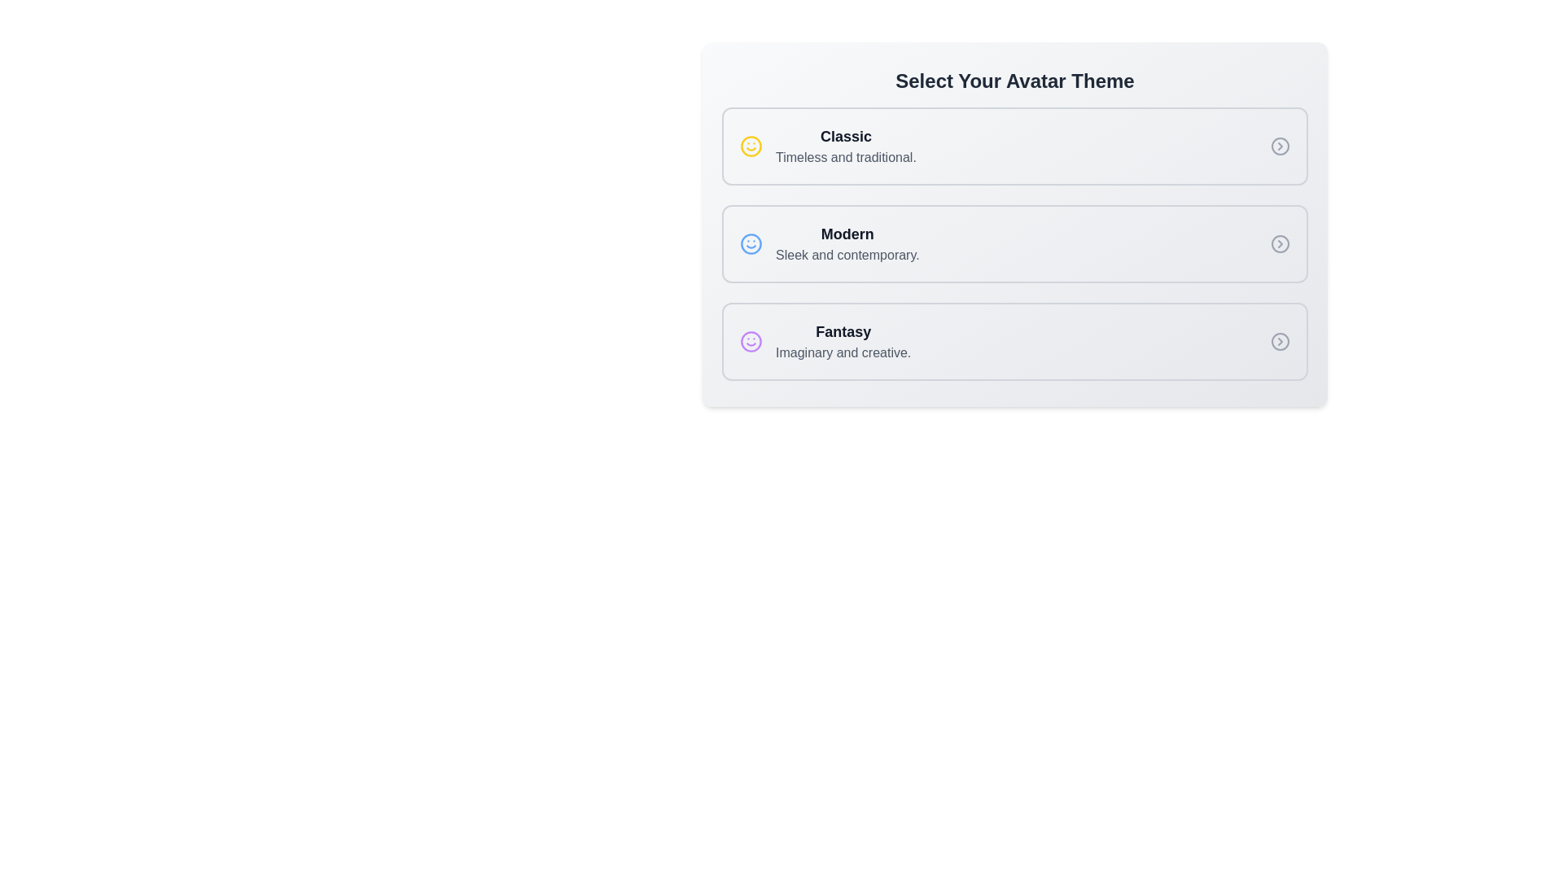 This screenshot has width=1563, height=879. What do you see at coordinates (846, 136) in the screenshot?
I see `the text label displaying 'Classic', which is styled with a bold font and is positioned above the description text 'Timeless and traditional'` at bounding box center [846, 136].